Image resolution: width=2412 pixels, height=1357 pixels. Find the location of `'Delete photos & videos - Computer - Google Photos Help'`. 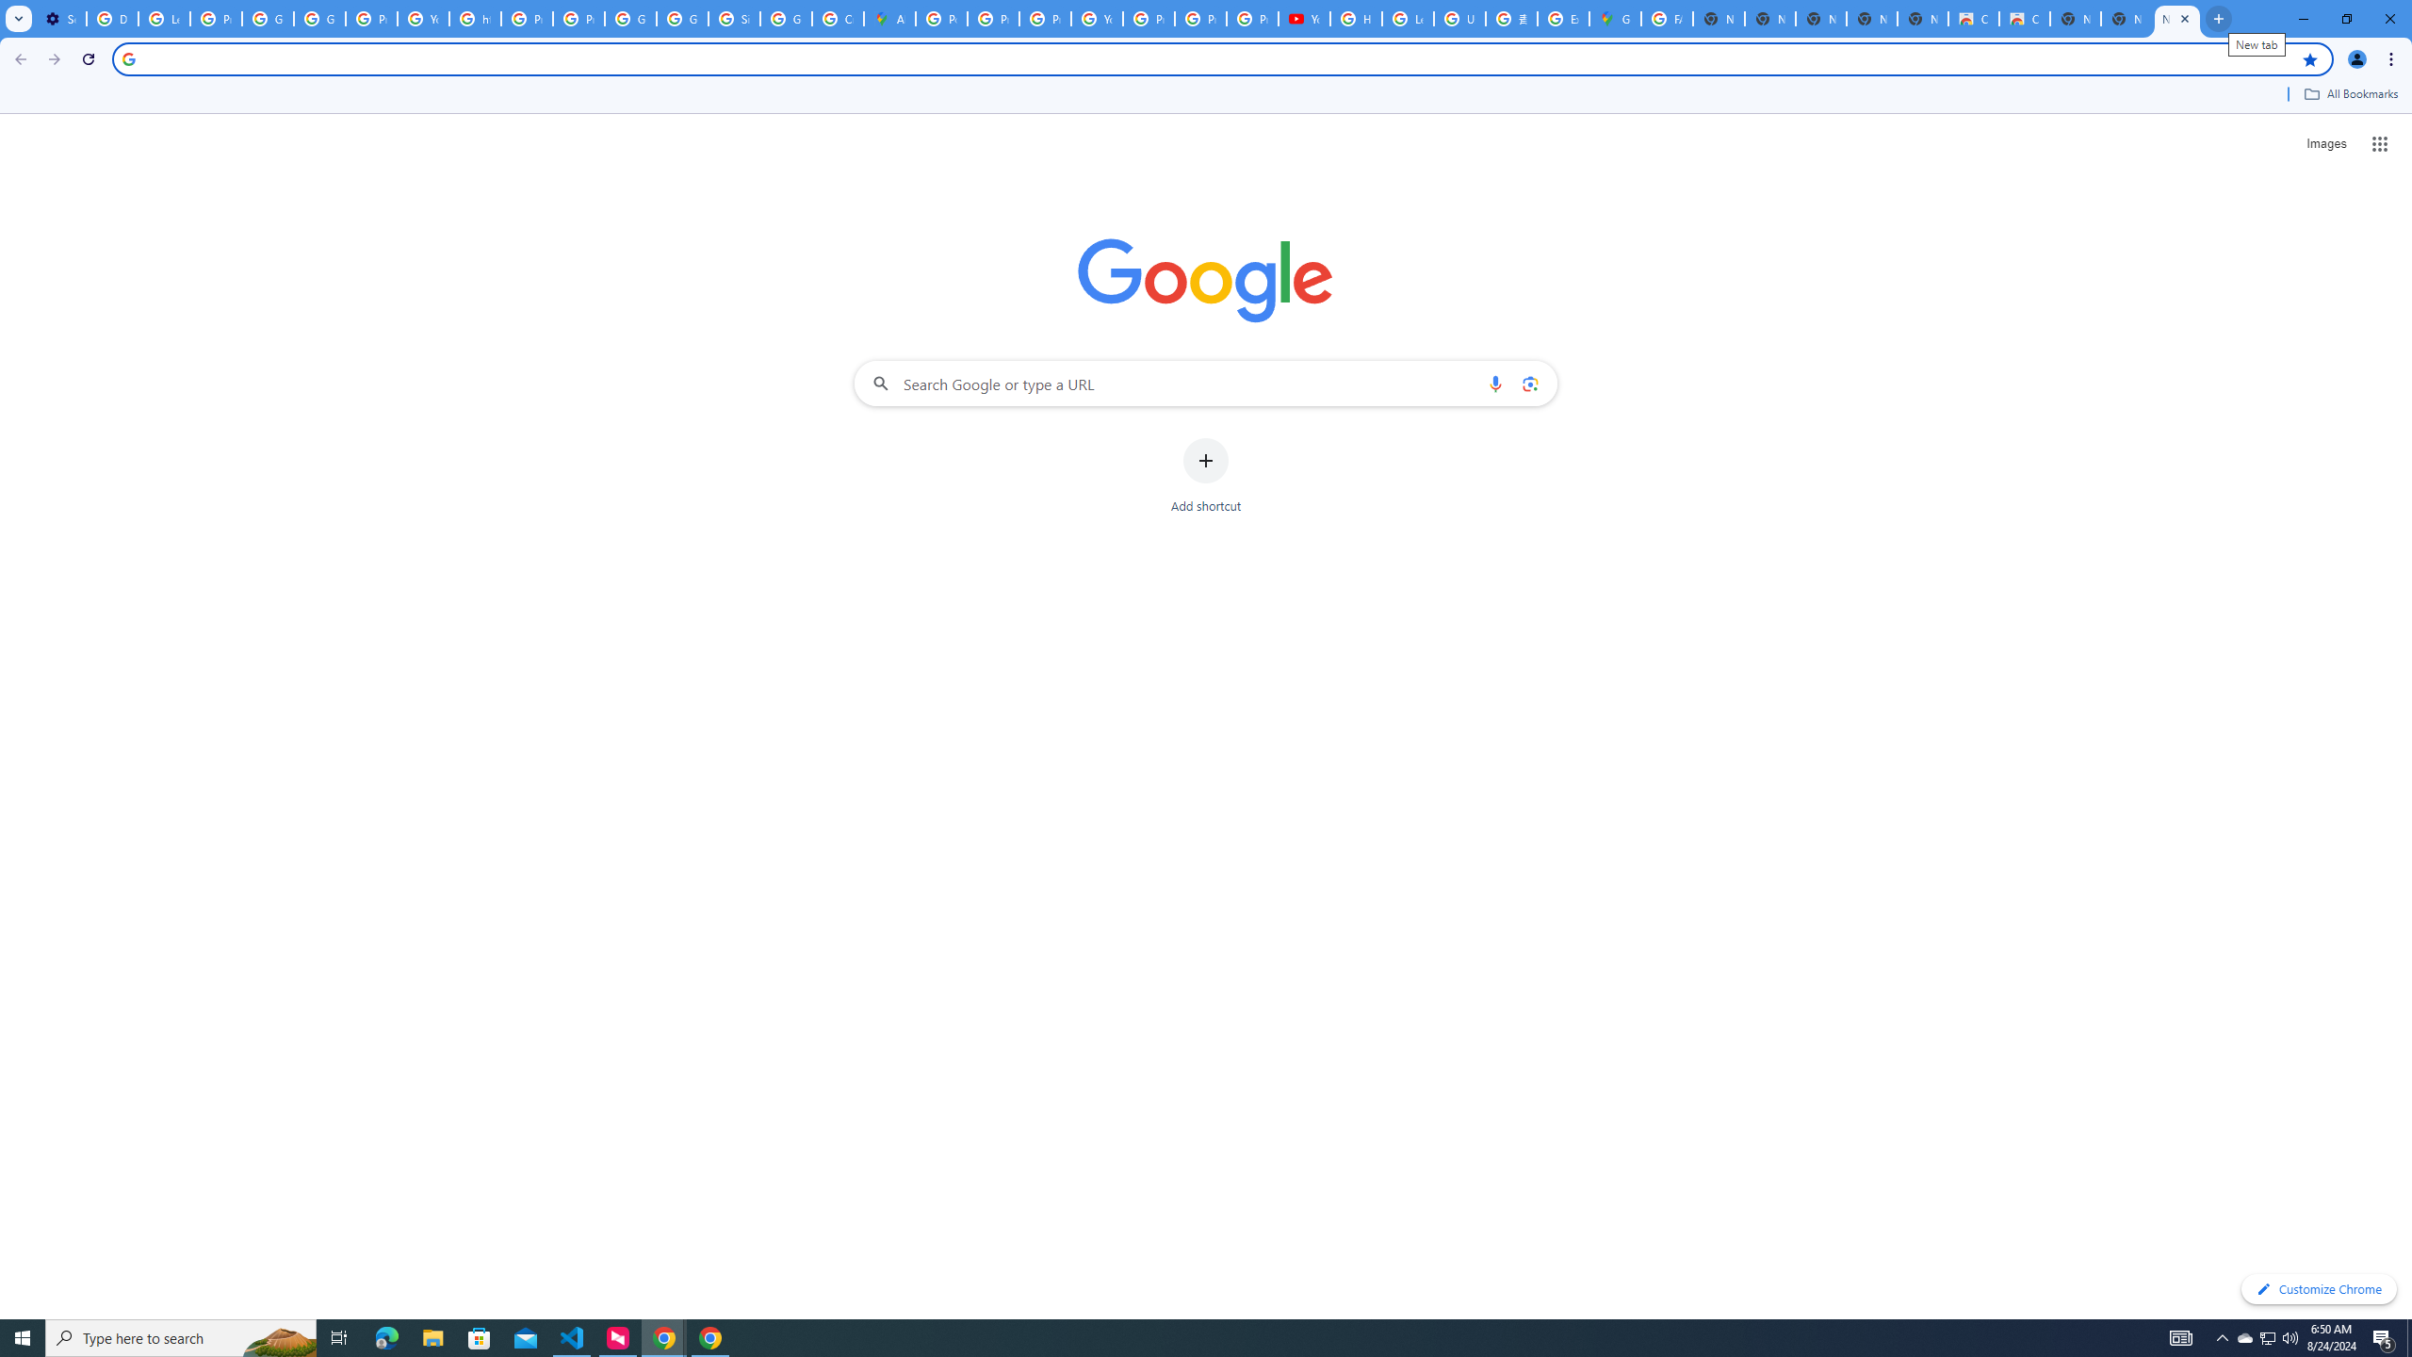

'Delete photos & videos - Computer - Google Photos Help' is located at coordinates (111, 18).